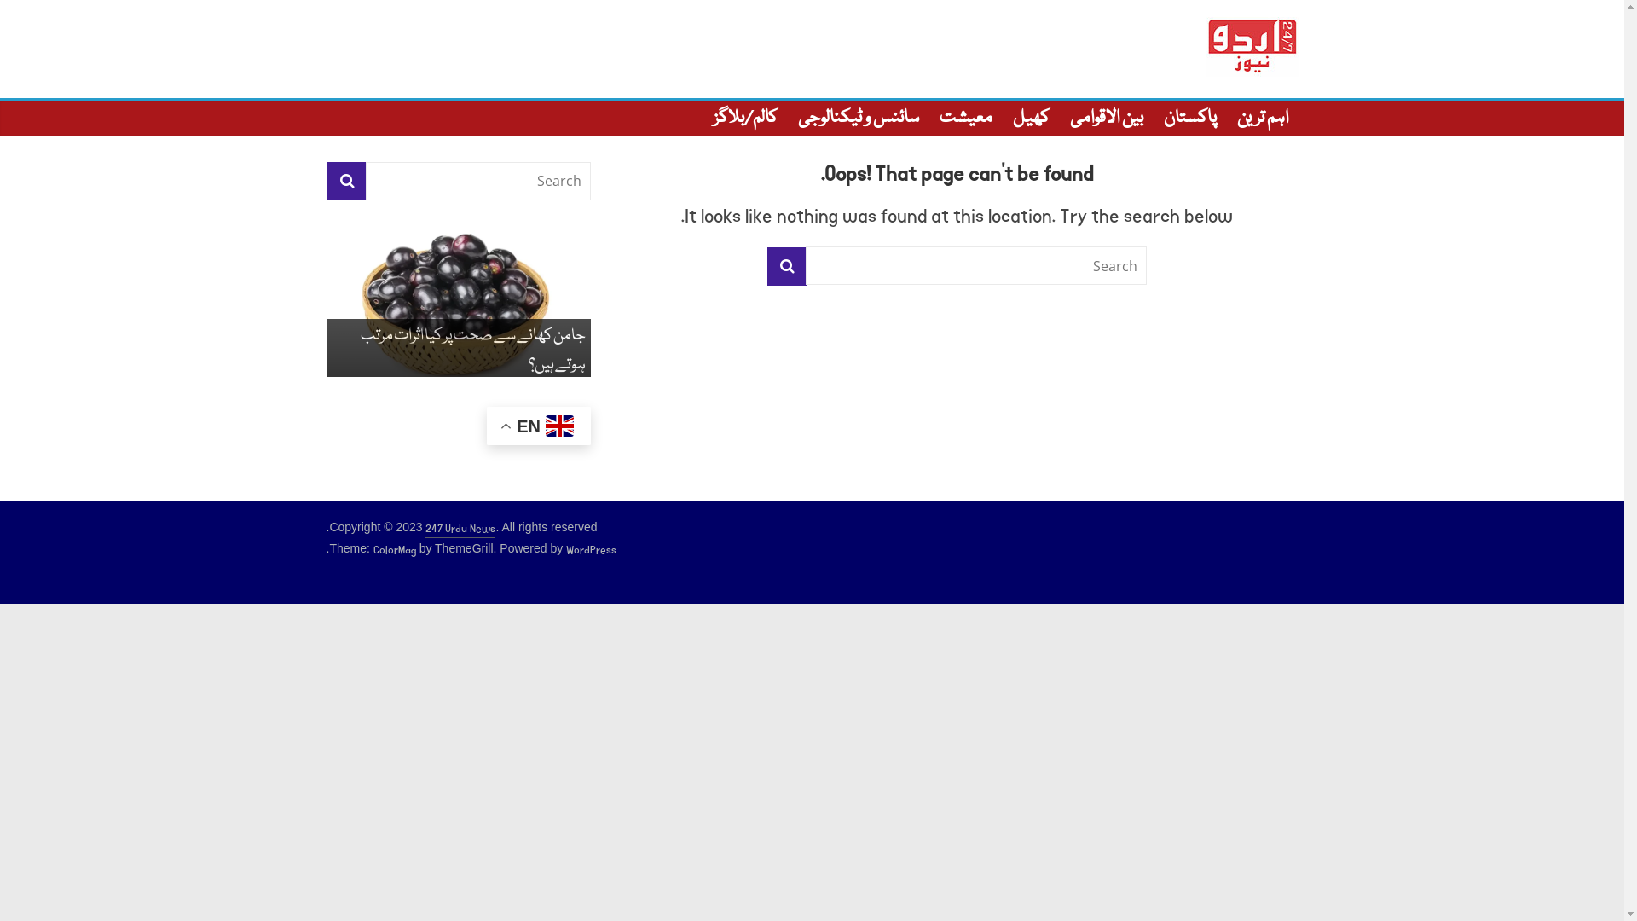 The width and height of the screenshot is (1637, 921). I want to click on '247 Urdu News', so click(460, 529).